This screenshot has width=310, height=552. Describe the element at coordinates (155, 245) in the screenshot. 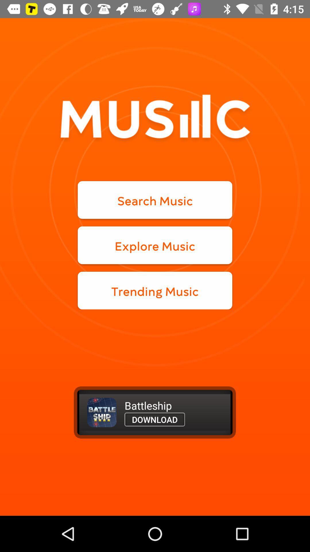

I see `the item below search music item` at that location.